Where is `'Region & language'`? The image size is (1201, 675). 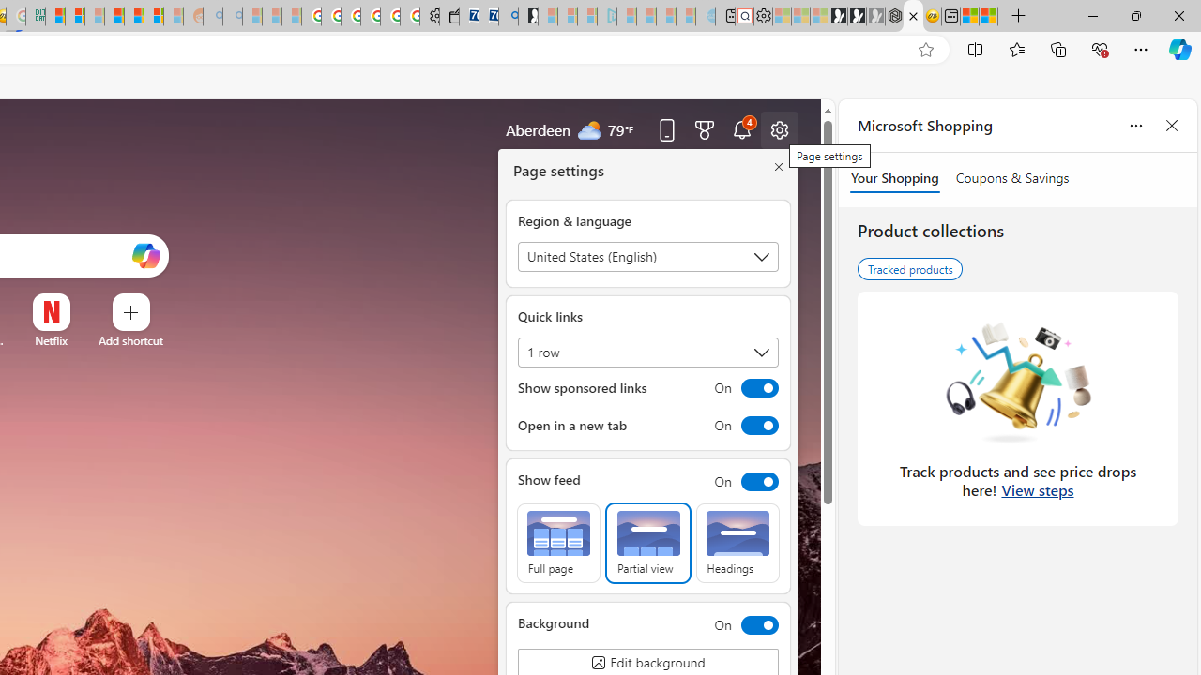
'Region & language' is located at coordinates (647, 256).